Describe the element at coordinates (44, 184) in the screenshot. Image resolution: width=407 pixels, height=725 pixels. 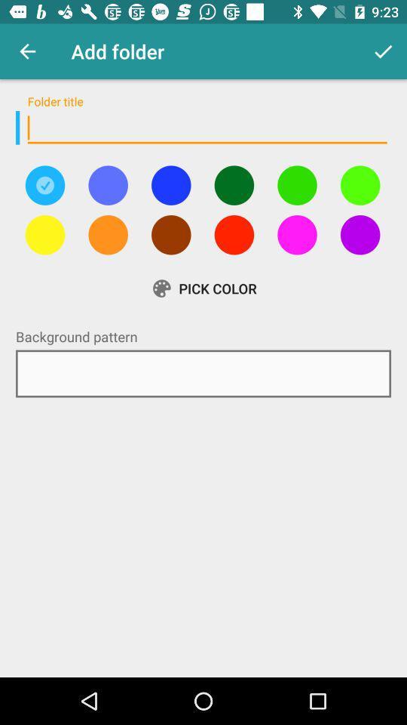
I see `colours` at that location.